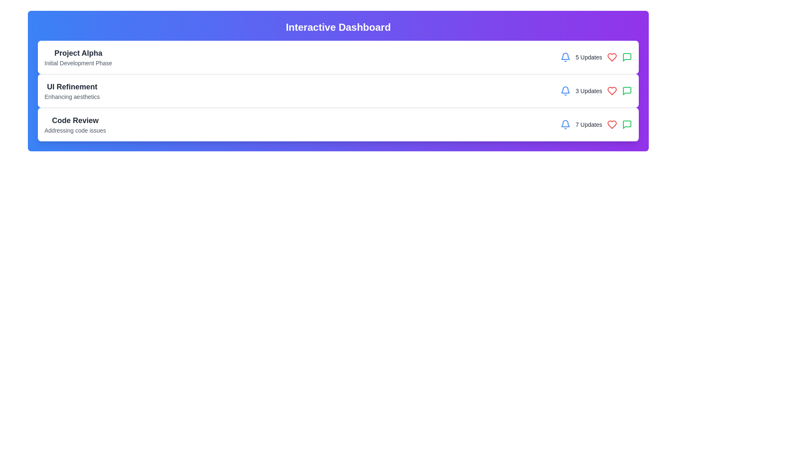  What do you see at coordinates (566, 91) in the screenshot?
I see `on the bell-shaped icon with a blue border next` at bounding box center [566, 91].